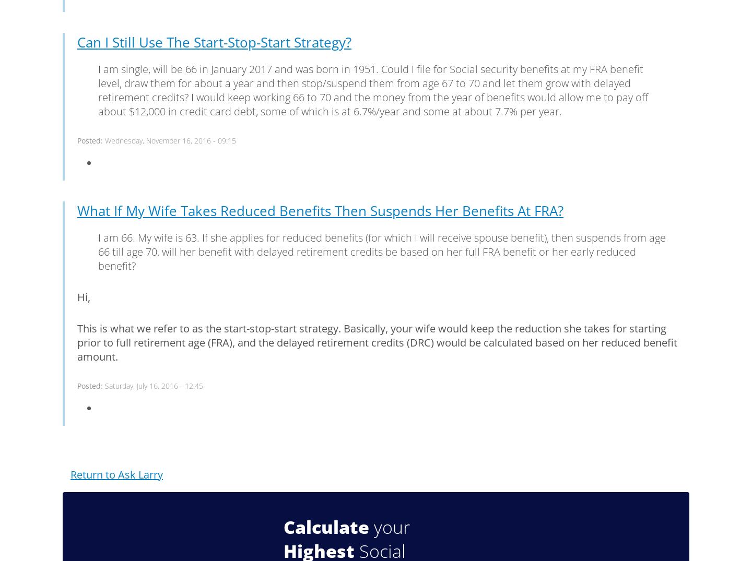 The height and width of the screenshot is (561, 752). I want to click on 'Wednesday, November 16, 2016 - 09:15', so click(170, 140).